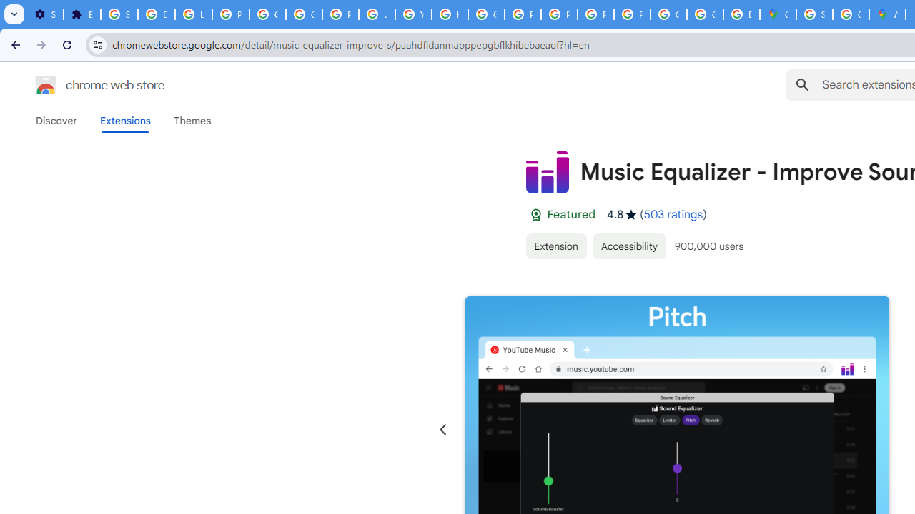 This screenshot has height=514, width=915. I want to click on 'Privacy Help Center - Policies Help', so click(522, 14).